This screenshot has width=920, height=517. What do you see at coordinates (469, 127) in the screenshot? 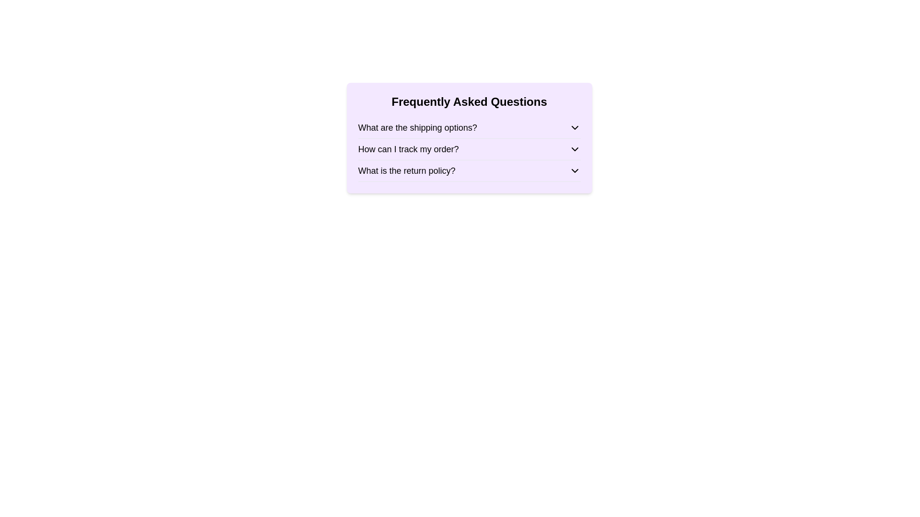
I see `the collapsible header labeled 'What are the shipping options?'` at bounding box center [469, 127].